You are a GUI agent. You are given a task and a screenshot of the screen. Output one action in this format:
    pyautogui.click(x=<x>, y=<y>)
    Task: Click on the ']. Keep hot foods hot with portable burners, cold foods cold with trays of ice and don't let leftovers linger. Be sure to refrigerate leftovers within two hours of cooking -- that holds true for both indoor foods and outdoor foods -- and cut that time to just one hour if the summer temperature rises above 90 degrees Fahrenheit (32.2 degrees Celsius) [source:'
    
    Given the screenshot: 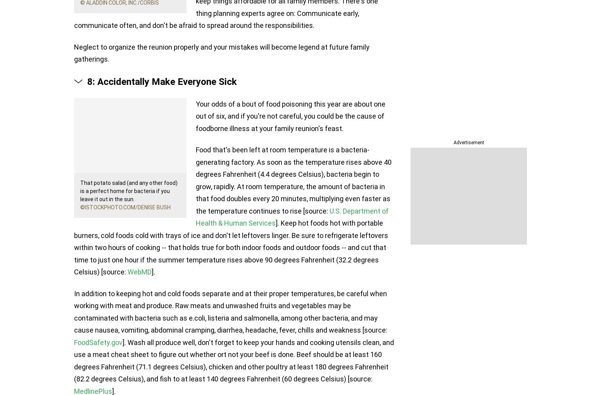 What is the action you would take?
    pyautogui.click(x=231, y=247)
    